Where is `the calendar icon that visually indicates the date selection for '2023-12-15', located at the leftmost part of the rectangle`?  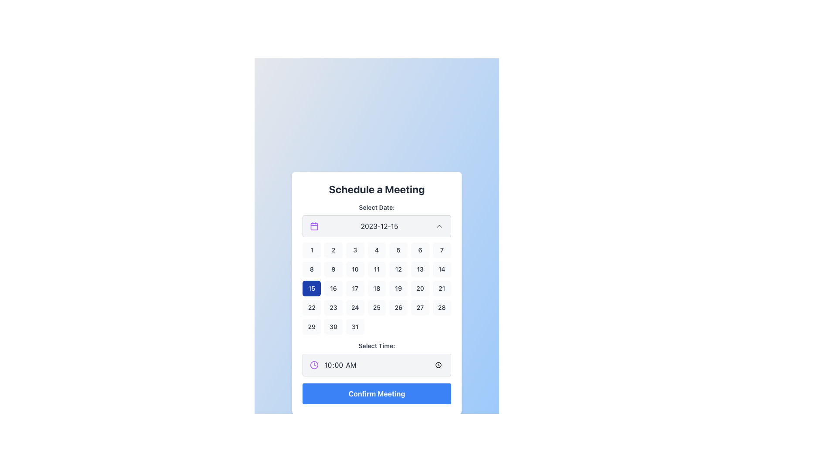
the calendar icon that visually indicates the date selection for '2023-12-15', located at the leftmost part of the rectangle is located at coordinates (314, 226).